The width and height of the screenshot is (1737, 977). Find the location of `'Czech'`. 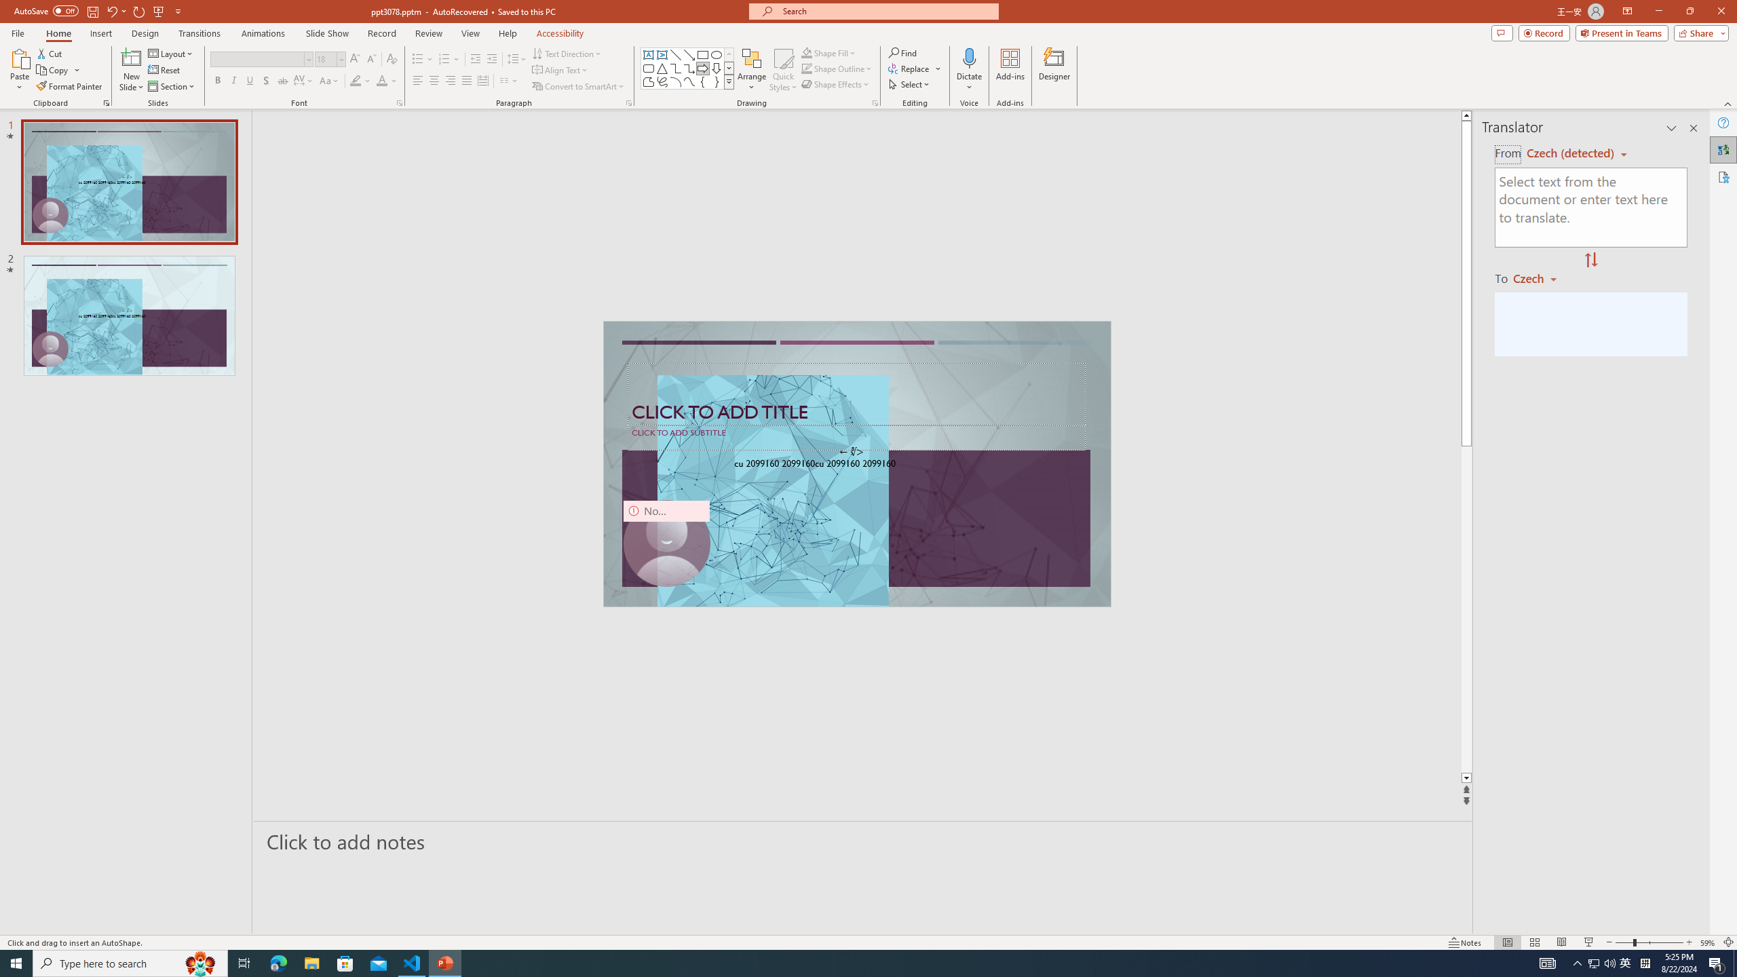

'Czech' is located at coordinates (1540, 277).